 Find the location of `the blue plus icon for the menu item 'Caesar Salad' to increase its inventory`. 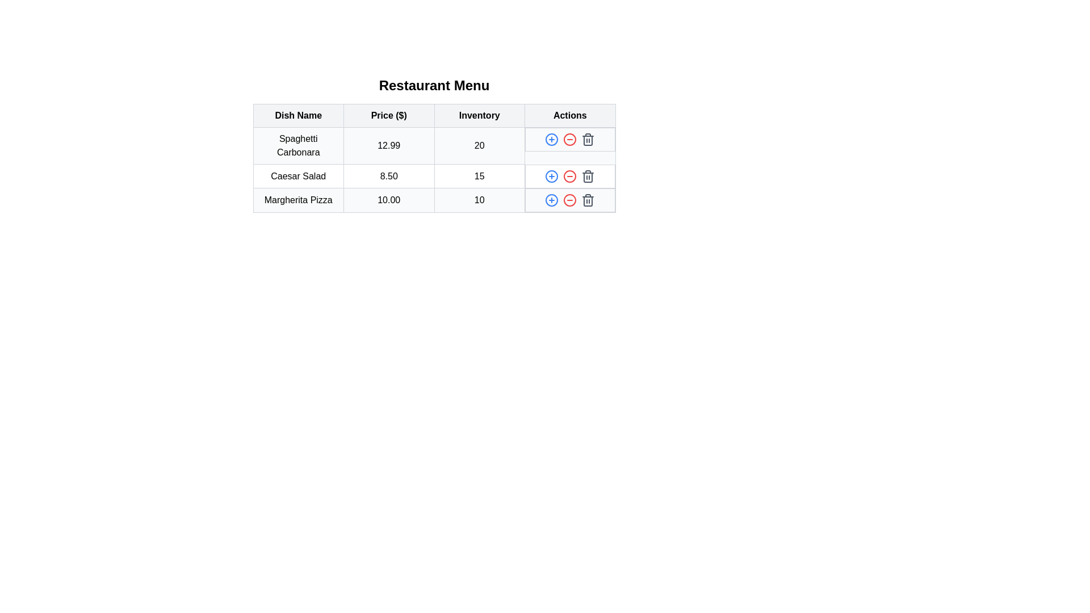

the blue plus icon for the menu item 'Caesar Salad' to increase its inventory is located at coordinates (552, 176).